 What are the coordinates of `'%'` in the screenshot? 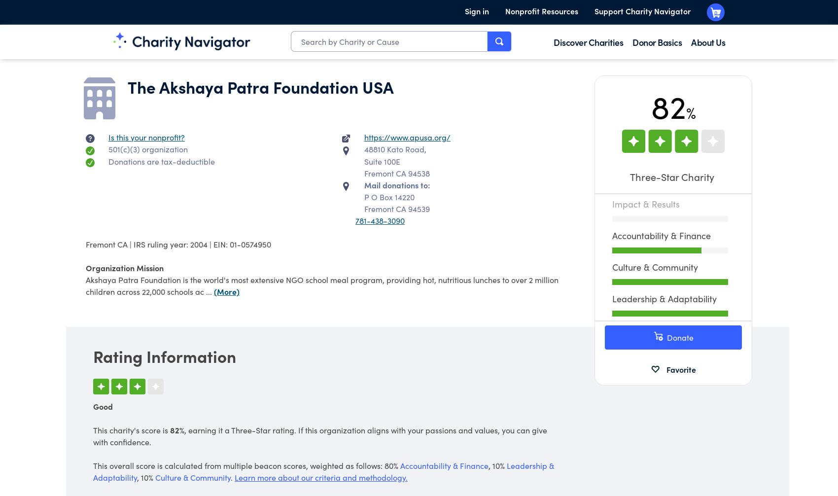 It's located at (685, 112).